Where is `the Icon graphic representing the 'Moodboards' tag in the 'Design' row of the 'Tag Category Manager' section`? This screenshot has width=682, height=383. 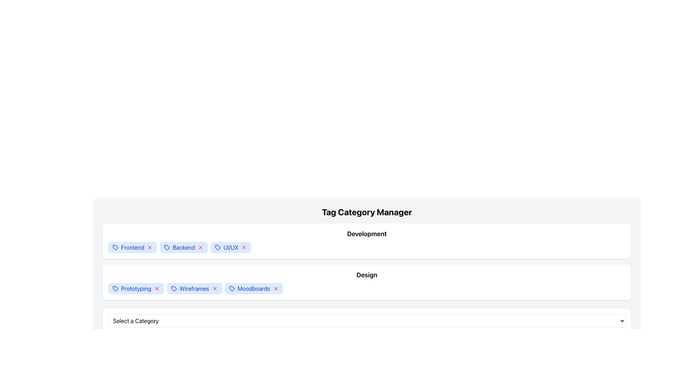 the Icon graphic representing the 'Moodboards' tag in the 'Design' row of the 'Tag Category Manager' section is located at coordinates (232, 288).